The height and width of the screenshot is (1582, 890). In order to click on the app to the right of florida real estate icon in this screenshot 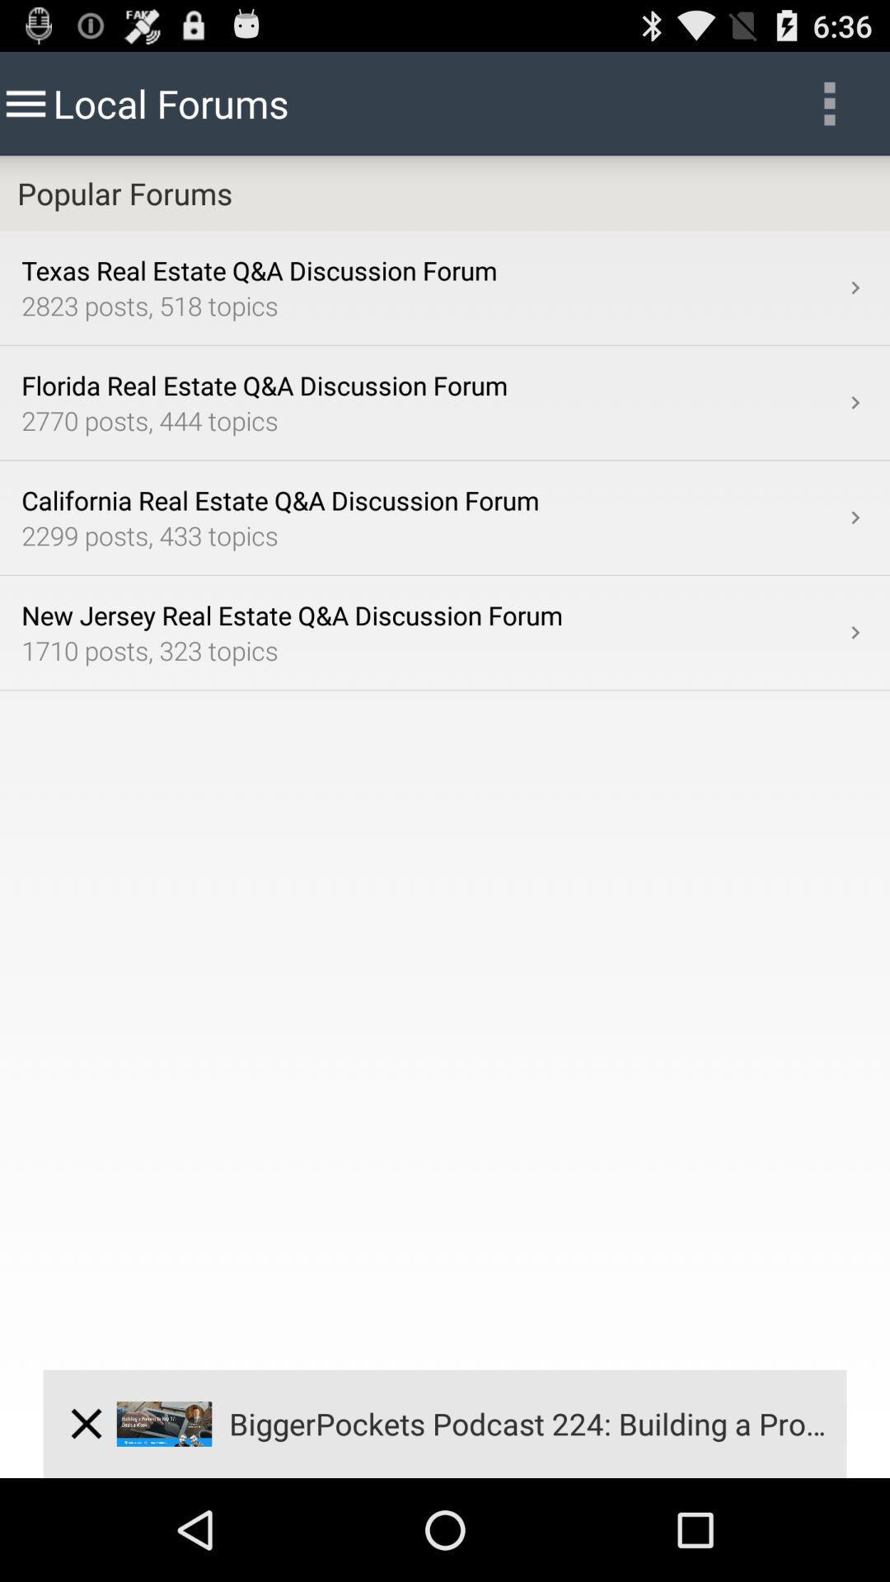, I will do `click(854, 403)`.